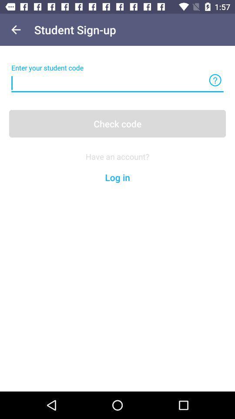  What do you see at coordinates (215, 80) in the screenshot?
I see `open help options` at bounding box center [215, 80].